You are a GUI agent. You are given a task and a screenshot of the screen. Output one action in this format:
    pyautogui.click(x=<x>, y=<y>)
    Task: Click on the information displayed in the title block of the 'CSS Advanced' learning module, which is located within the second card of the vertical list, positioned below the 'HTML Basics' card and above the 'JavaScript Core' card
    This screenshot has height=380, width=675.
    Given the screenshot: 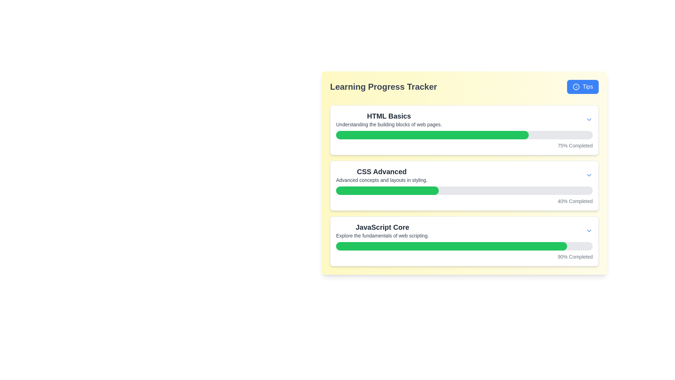 What is the action you would take?
    pyautogui.click(x=464, y=175)
    